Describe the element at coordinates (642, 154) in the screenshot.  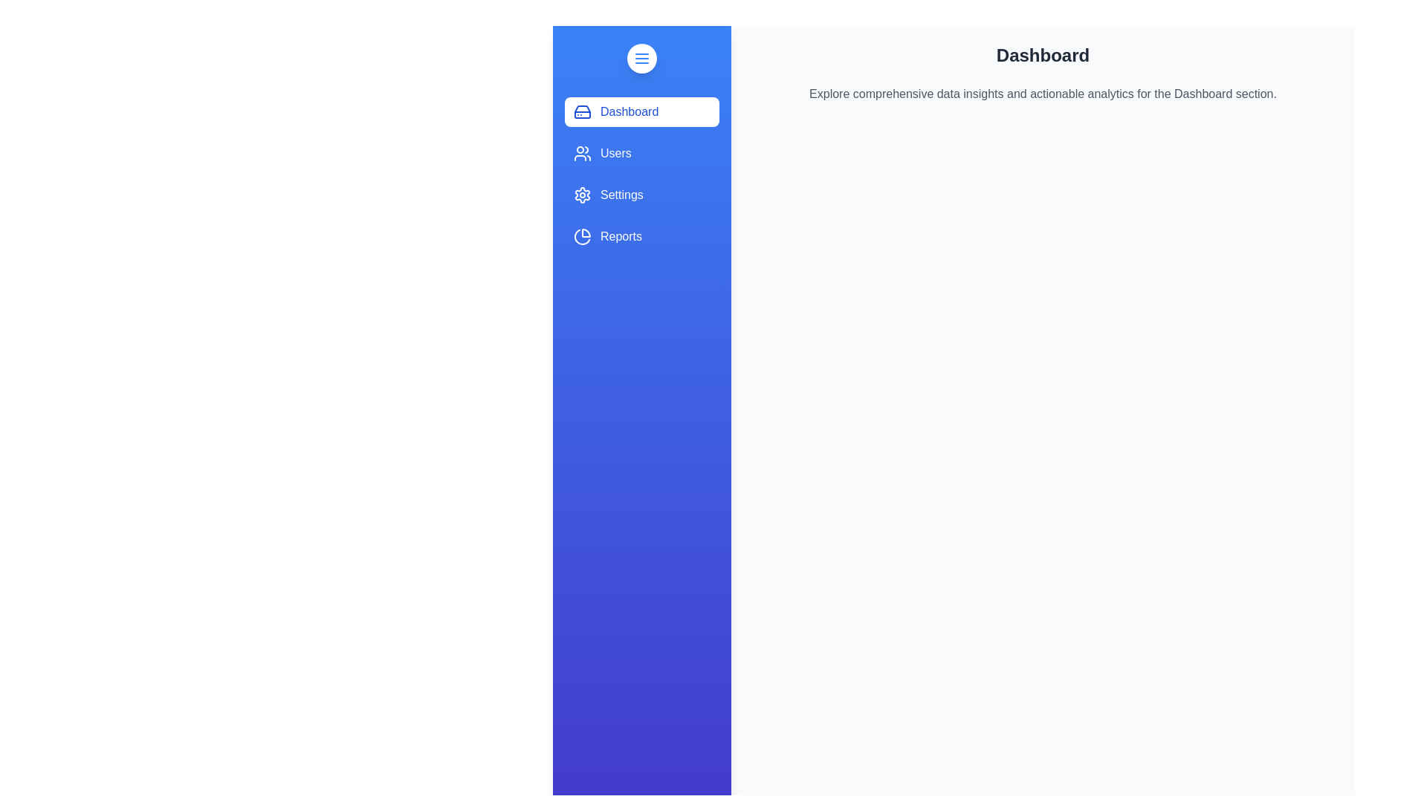
I see `the 'Users' tab to activate it` at that location.